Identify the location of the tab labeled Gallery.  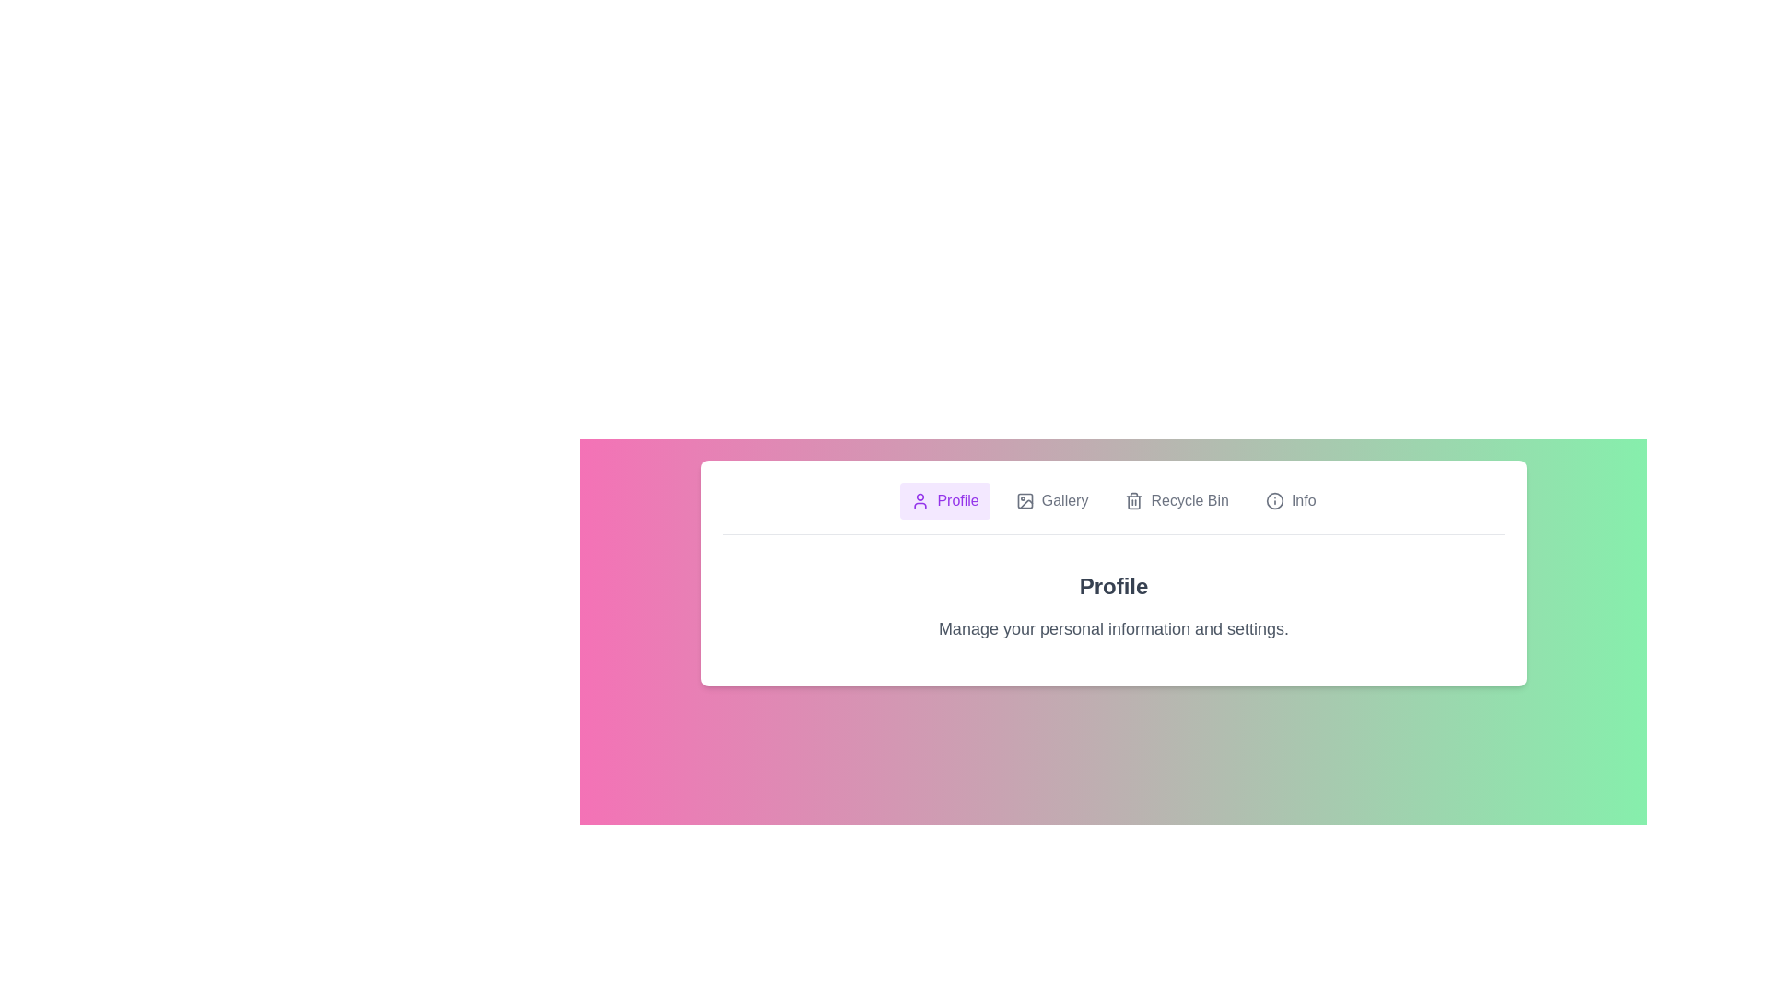
(1052, 500).